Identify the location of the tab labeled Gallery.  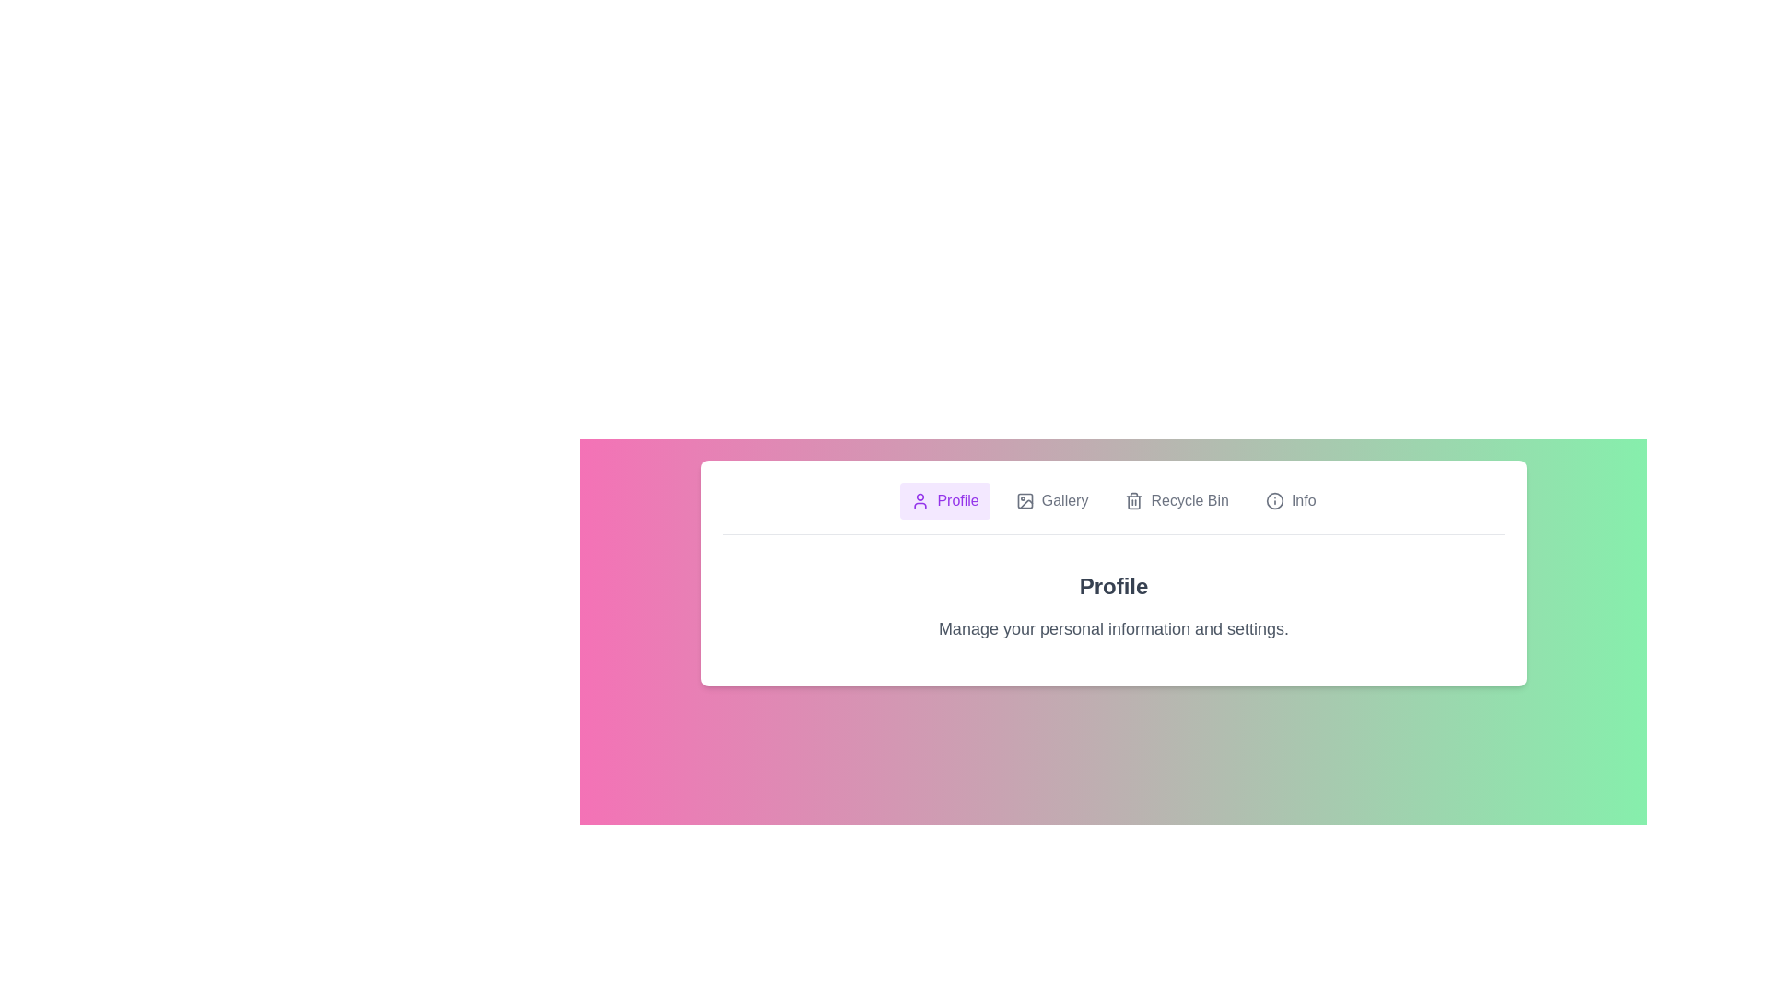
(1052, 500).